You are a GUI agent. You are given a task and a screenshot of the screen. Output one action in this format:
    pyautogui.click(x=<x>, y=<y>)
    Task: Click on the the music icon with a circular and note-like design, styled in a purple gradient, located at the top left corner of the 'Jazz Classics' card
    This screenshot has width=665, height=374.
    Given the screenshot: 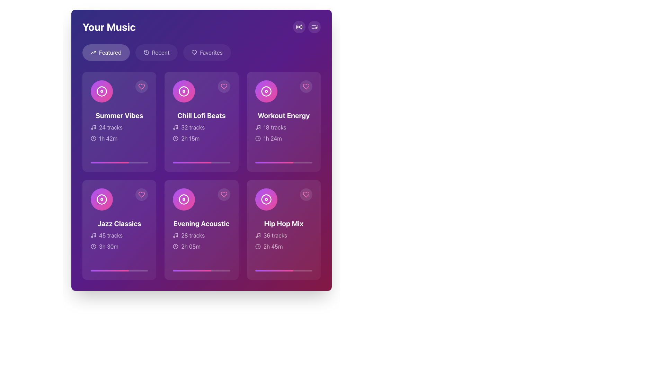 What is the action you would take?
    pyautogui.click(x=93, y=235)
    